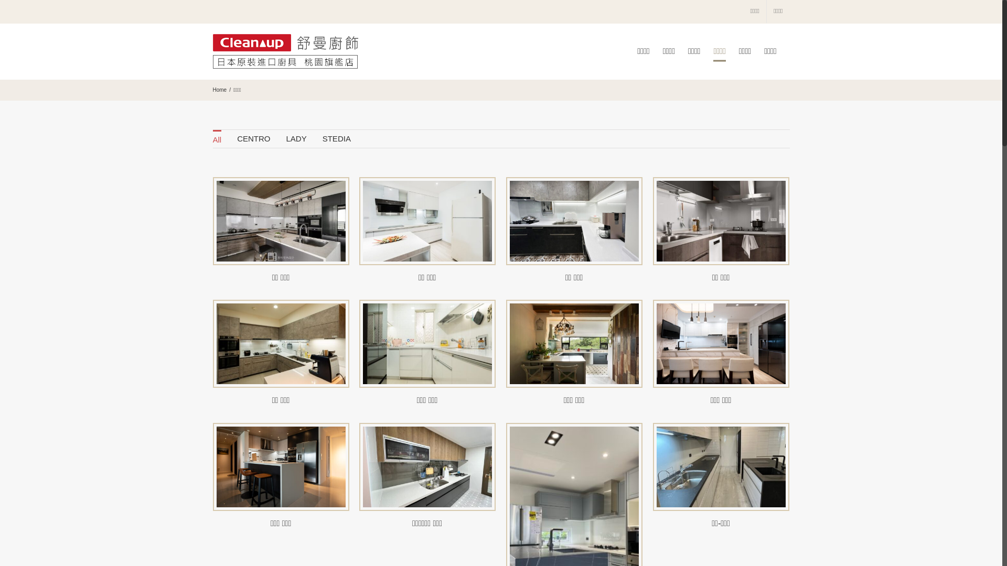 Image resolution: width=1007 pixels, height=566 pixels. I want to click on 'STEDIA', so click(337, 138).